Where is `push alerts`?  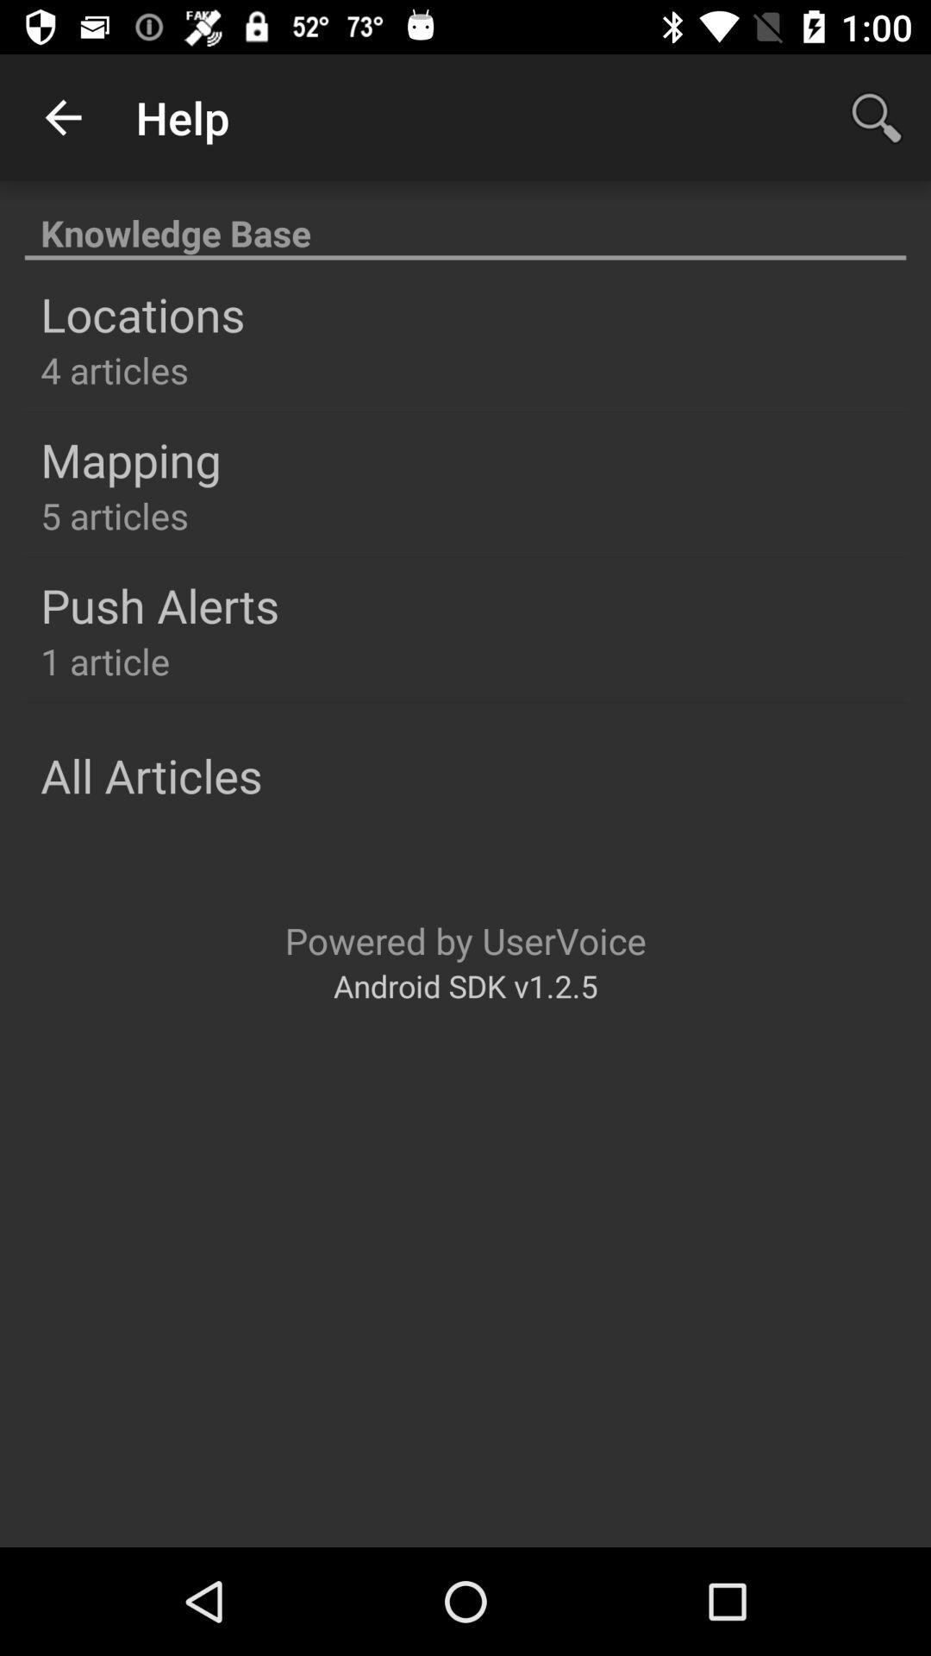 push alerts is located at coordinates (159, 605).